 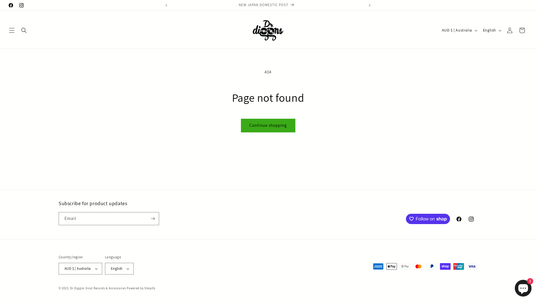 I want to click on 'Continue shopping', so click(x=267, y=125).